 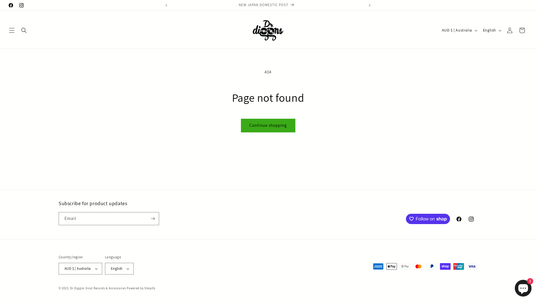 I want to click on 'Continue shopping', so click(x=267, y=125).